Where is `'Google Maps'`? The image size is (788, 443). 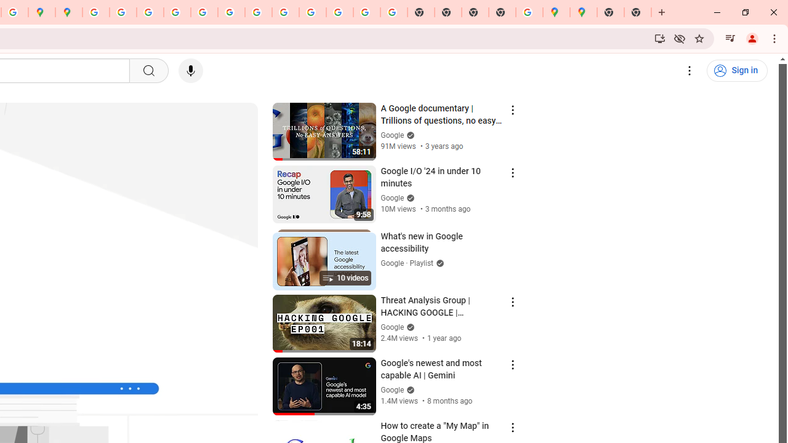 'Google Maps' is located at coordinates (555, 12).